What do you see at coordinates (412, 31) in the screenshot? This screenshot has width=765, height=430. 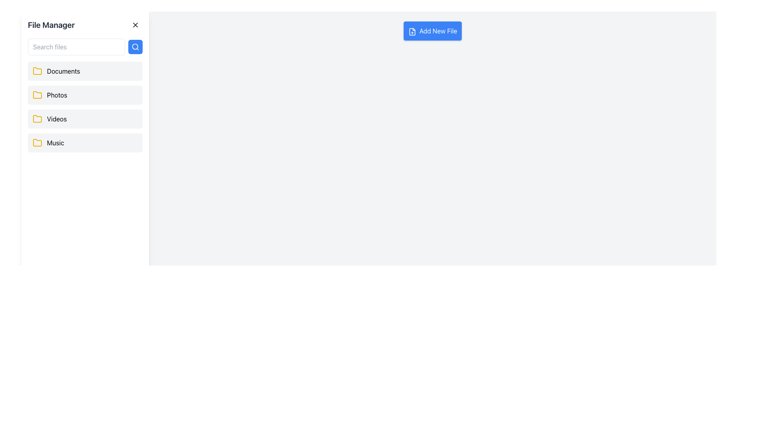 I see `the icon situated to the left of the 'Add New File' button to interact with it` at bounding box center [412, 31].